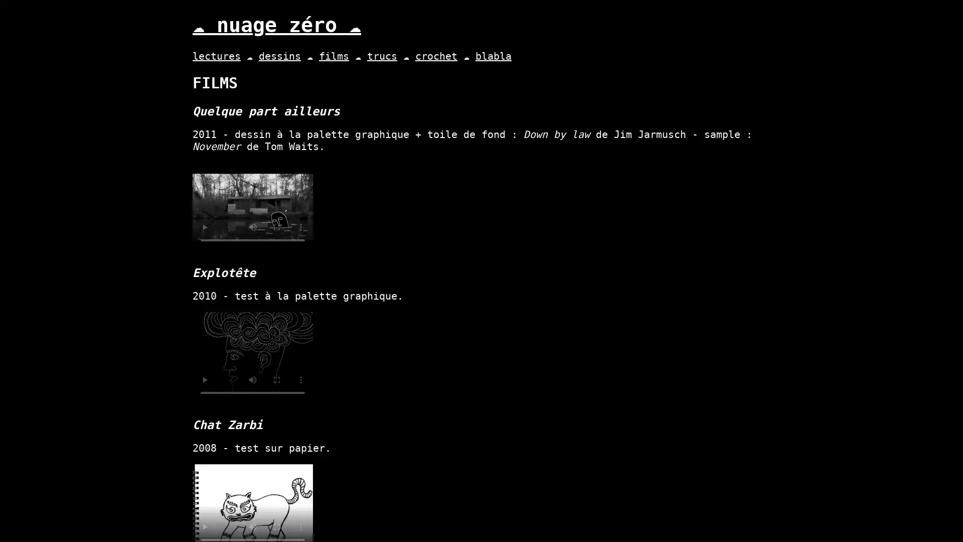 The width and height of the screenshot is (963, 542). Describe the element at coordinates (253, 227) in the screenshot. I see `mute` at that location.